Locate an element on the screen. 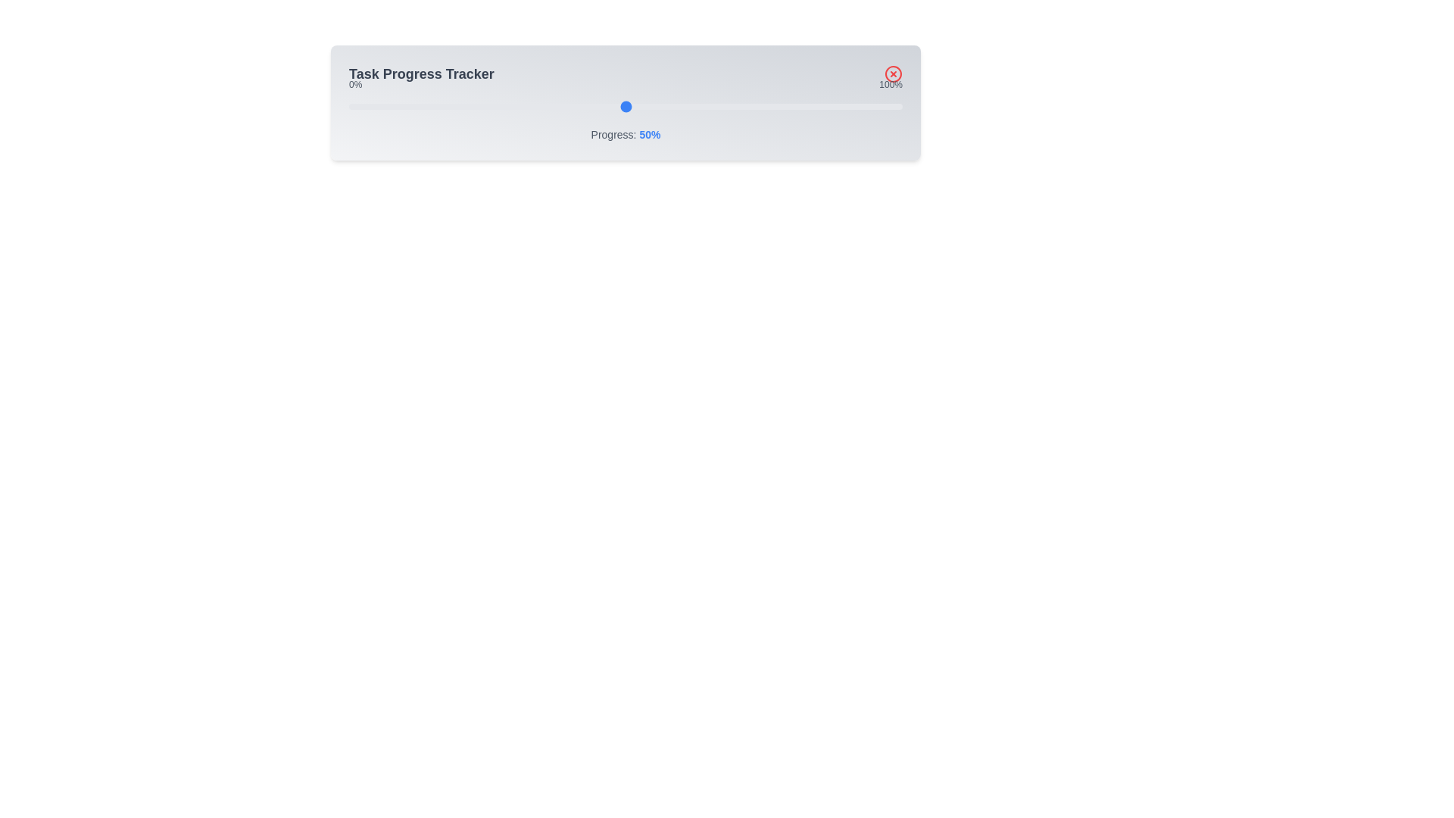 The width and height of the screenshot is (1454, 818). the slider is located at coordinates (637, 106).